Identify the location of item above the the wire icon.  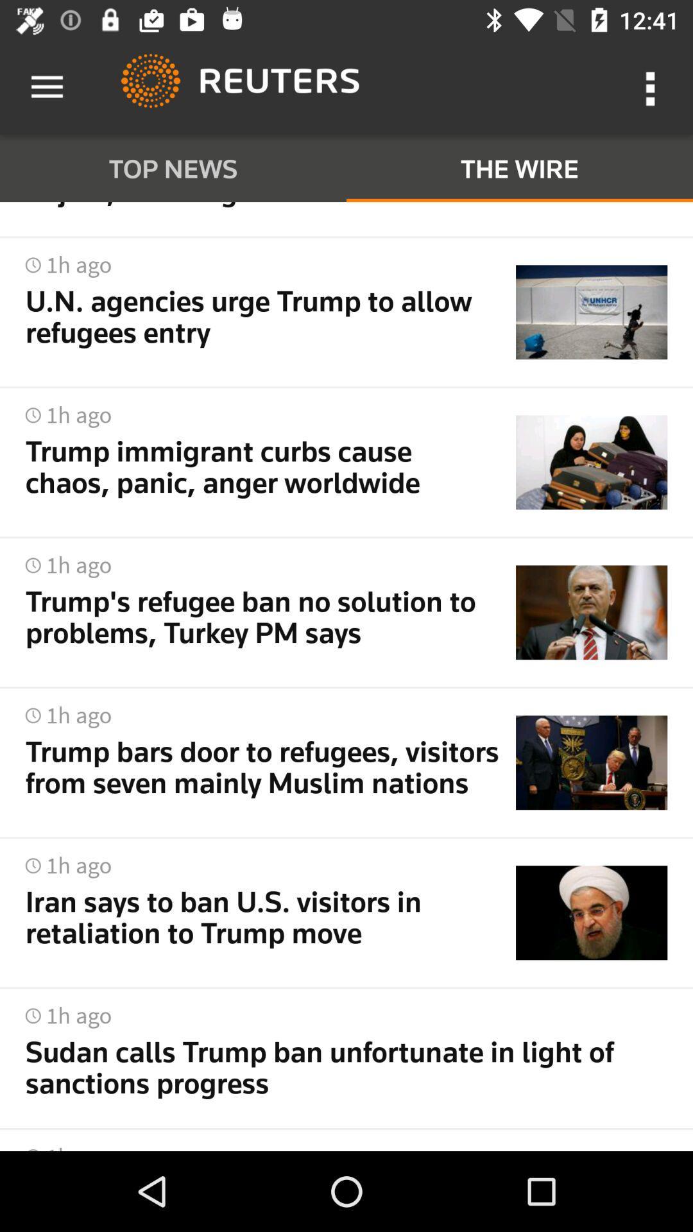
(653, 87).